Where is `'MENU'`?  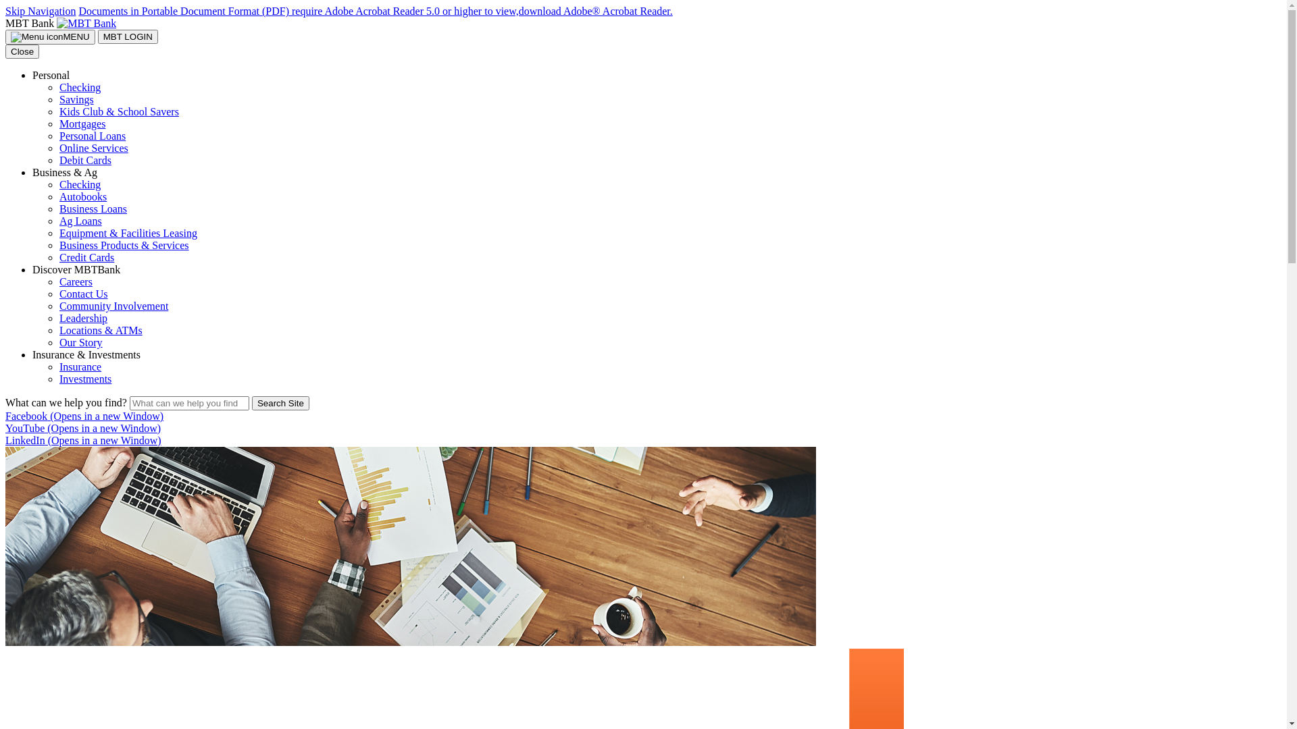 'MENU' is located at coordinates (50, 36).